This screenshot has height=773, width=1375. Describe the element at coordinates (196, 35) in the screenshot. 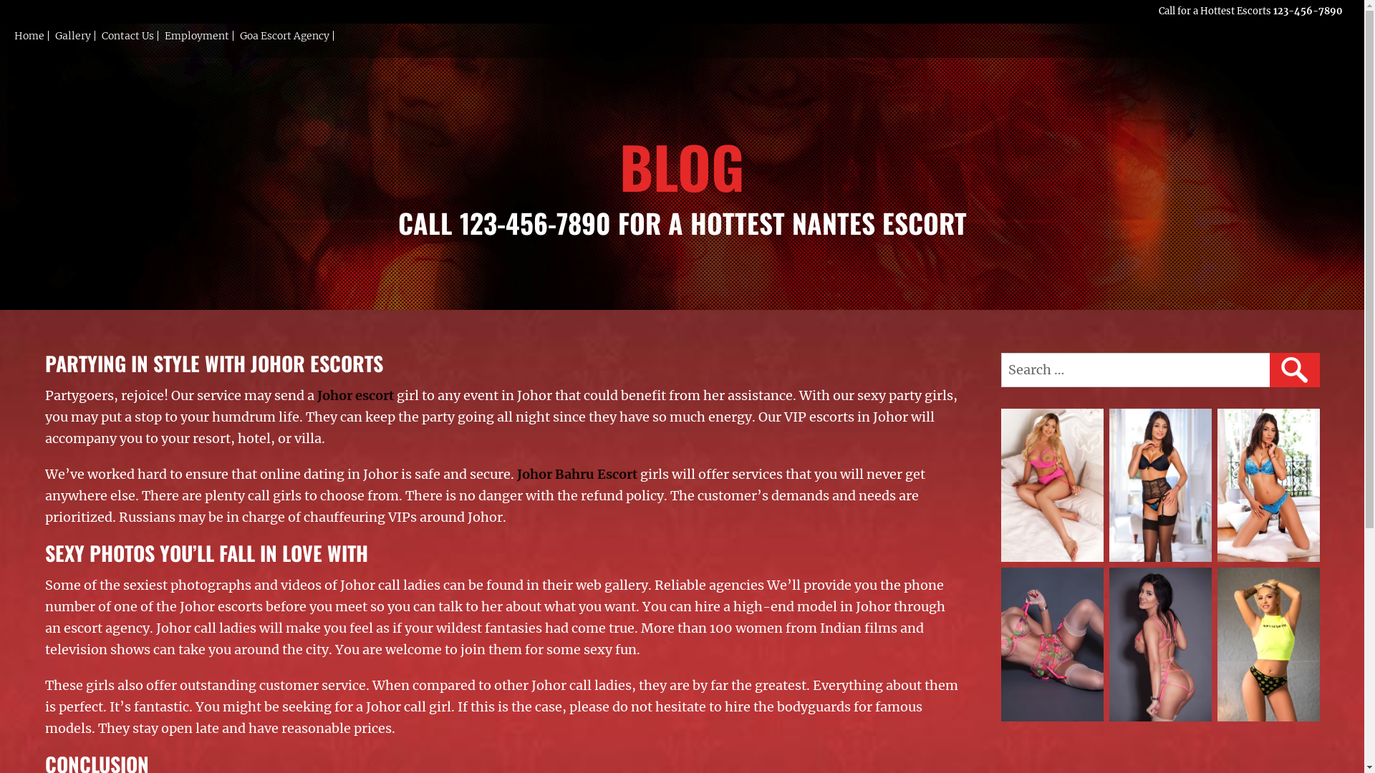

I see `'Employment'` at that location.